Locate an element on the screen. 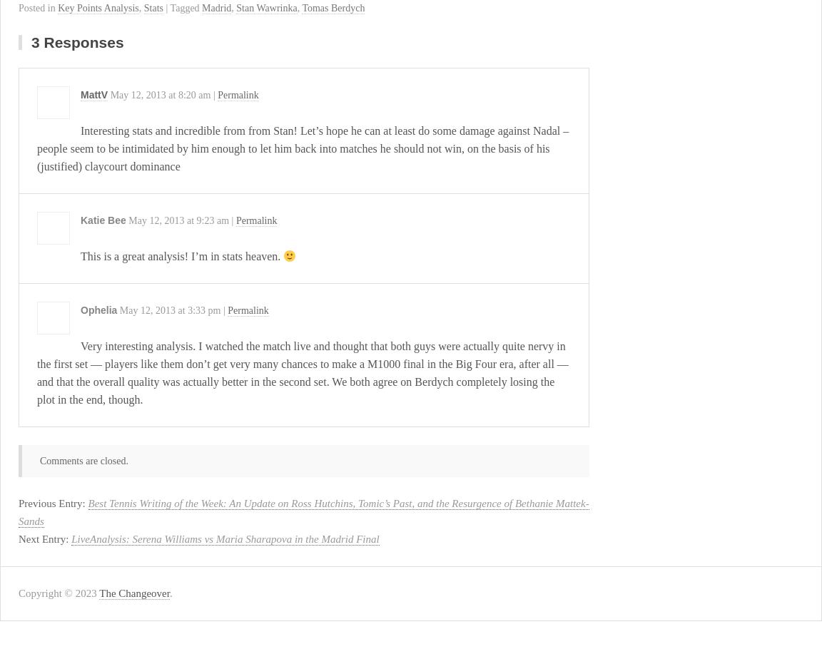 This screenshot has width=822, height=654. 'This is a great analysis! I’m in stats heaven.' is located at coordinates (80, 255).